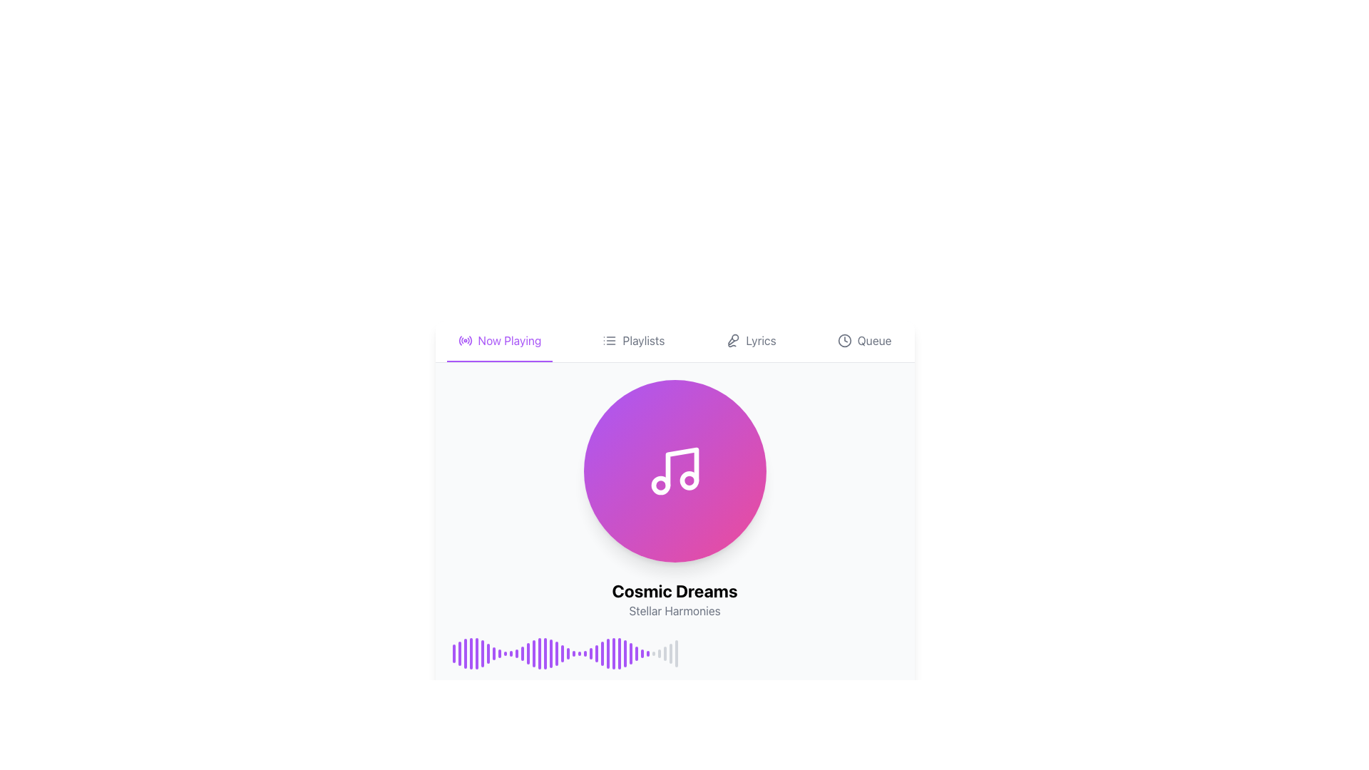  What do you see at coordinates (585, 654) in the screenshot?
I see `the visual representation of the 25th vertical Waveform bar, which is a narrow purple bar with rounded ends, part of a waveform visualization` at bounding box center [585, 654].